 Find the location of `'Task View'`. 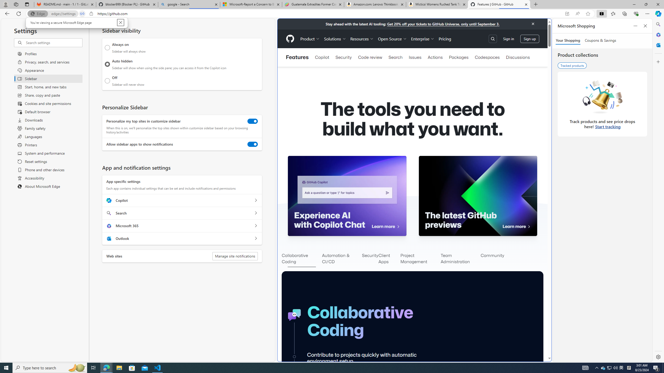

'Task View' is located at coordinates (93, 367).